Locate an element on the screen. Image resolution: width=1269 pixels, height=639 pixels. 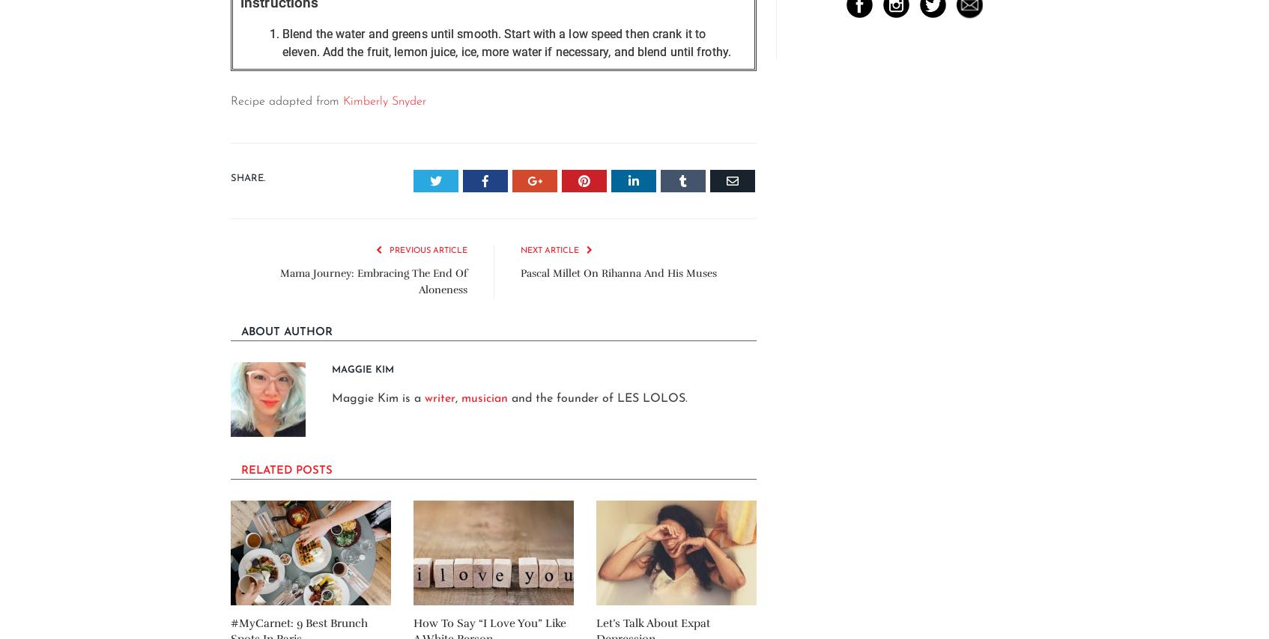
'writer' is located at coordinates (440, 398).